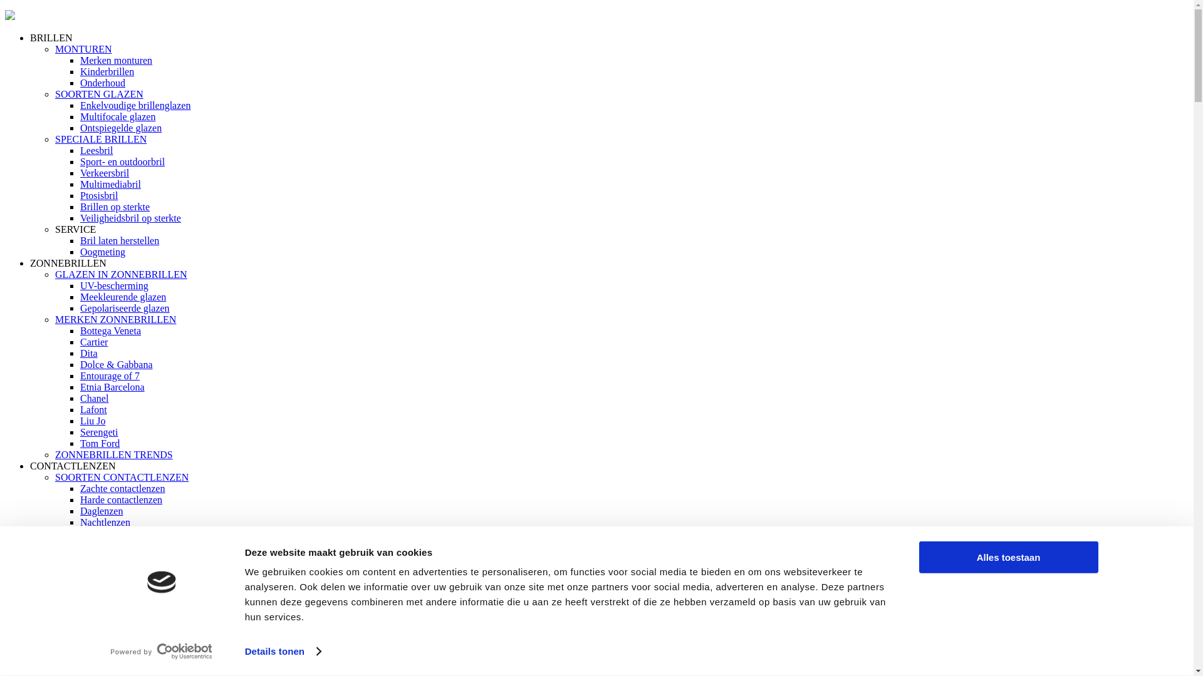 The image size is (1203, 676). Describe the element at coordinates (125, 308) in the screenshot. I see `'Gepolariseerde glazen'` at that location.